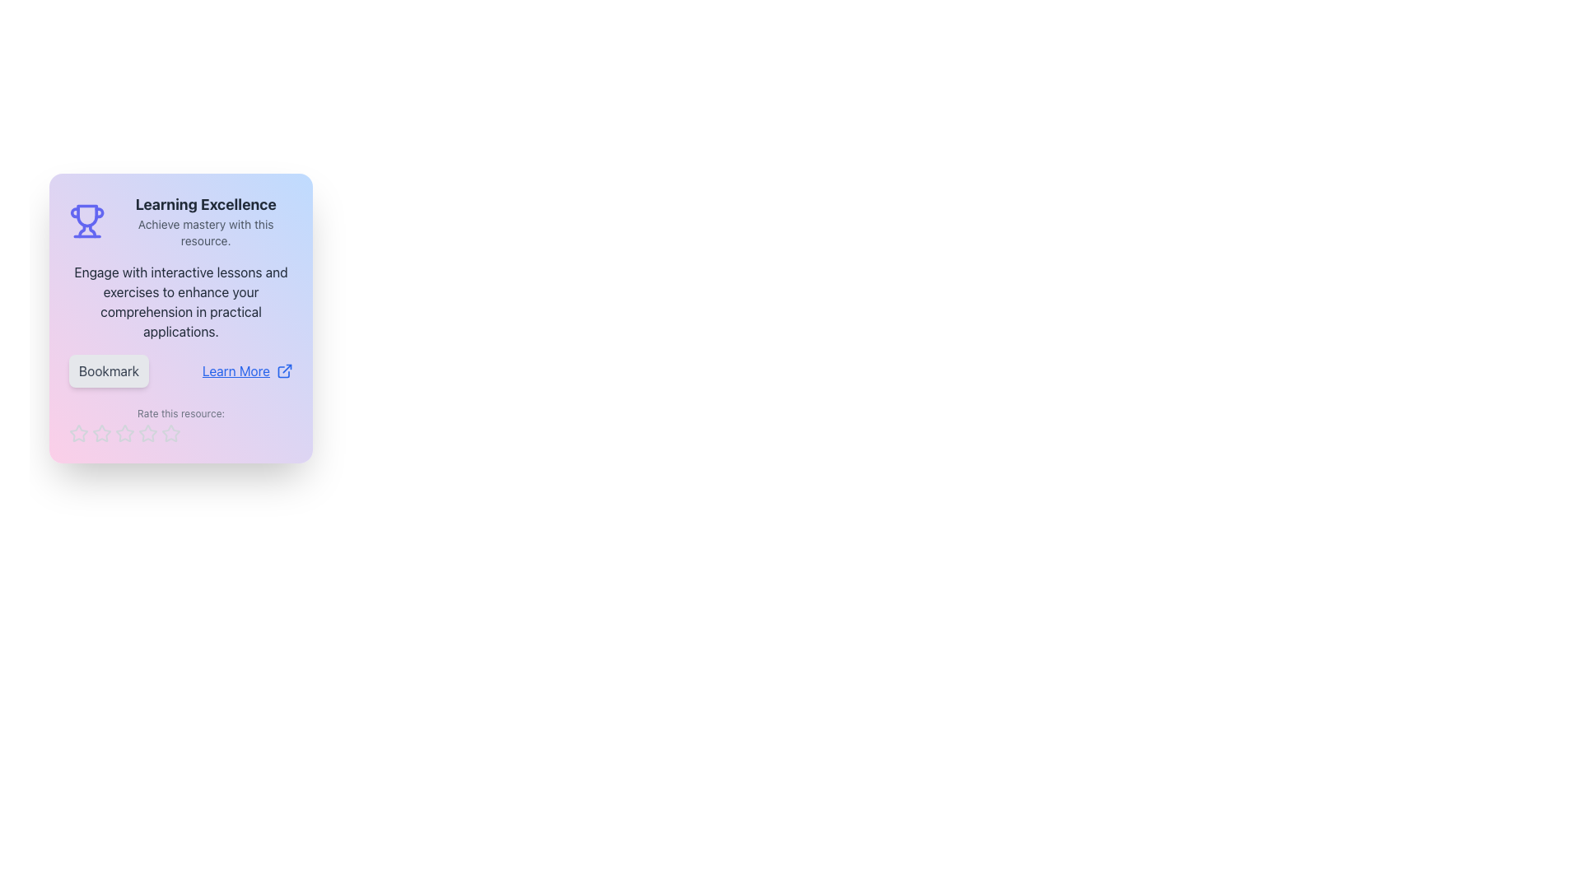 The height and width of the screenshot is (889, 1581). What do you see at coordinates (108, 371) in the screenshot?
I see `the 'Bookmark' button with rounded edges and a light gray background` at bounding box center [108, 371].